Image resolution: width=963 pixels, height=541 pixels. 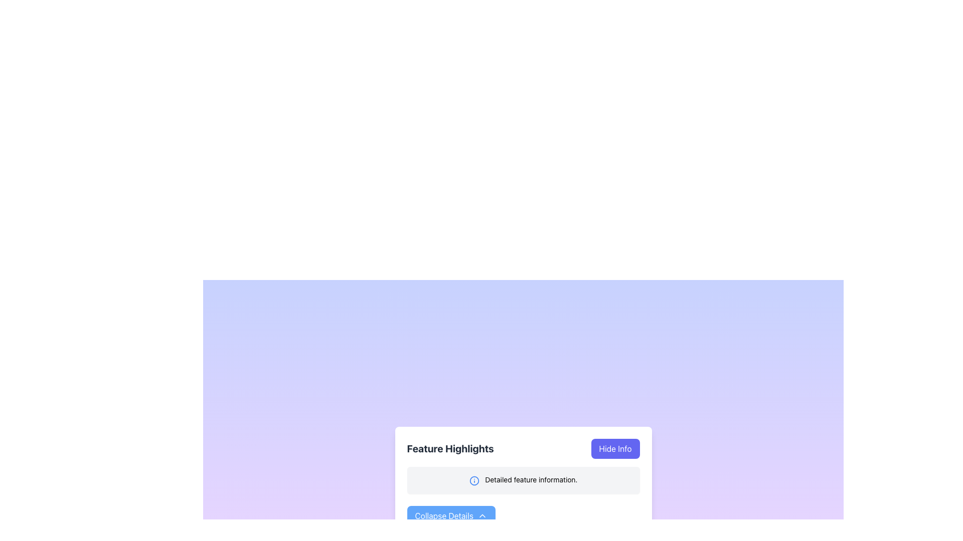 I want to click on the collapse button located in the lower section of the information box, so click(x=450, y=515).